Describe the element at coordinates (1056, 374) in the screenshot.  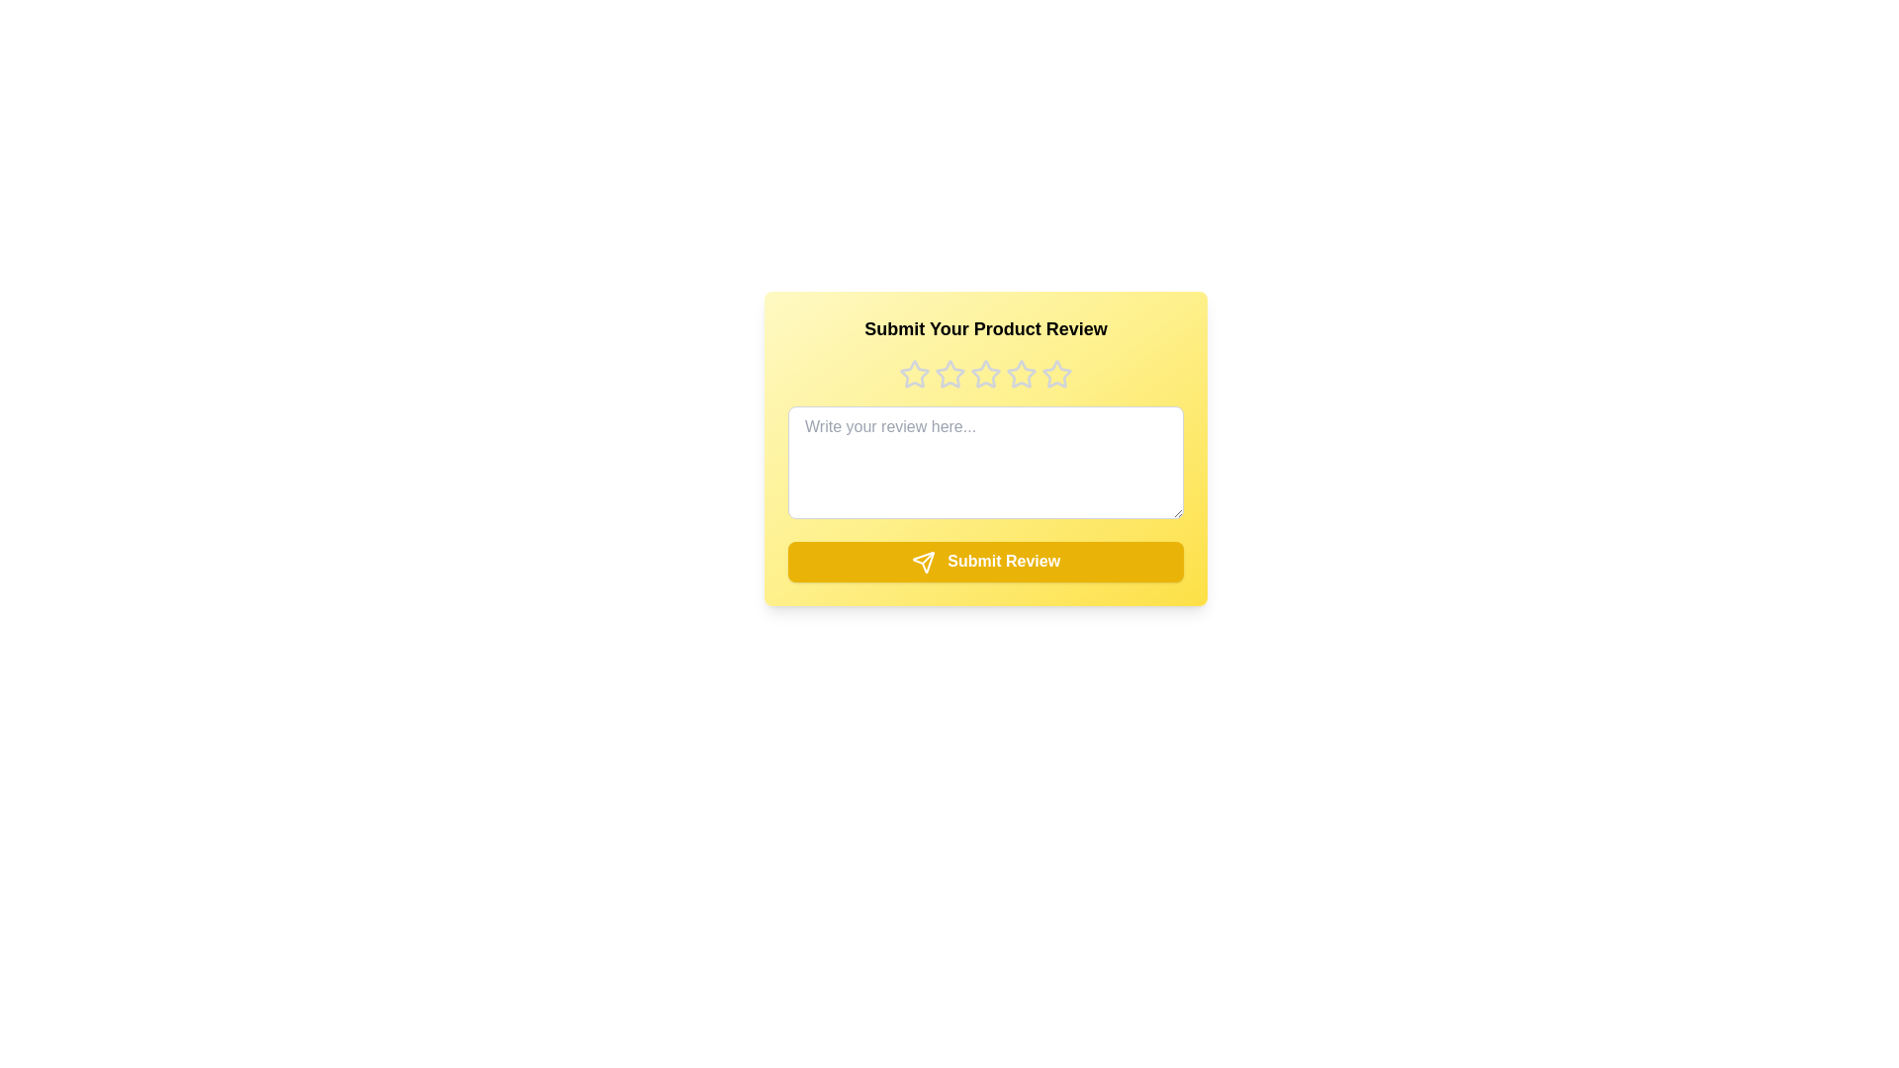
I see `the fifth star icon in the rating component` at that location.